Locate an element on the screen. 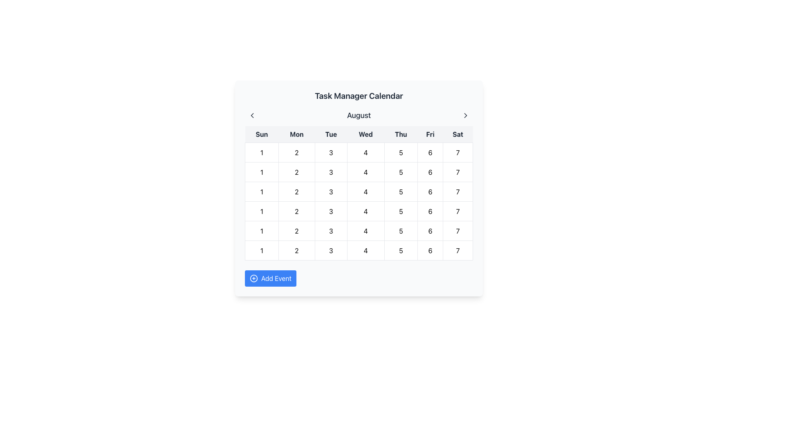  the calendar cell representing the 6th day of the month is located at coordinates (430, 211).